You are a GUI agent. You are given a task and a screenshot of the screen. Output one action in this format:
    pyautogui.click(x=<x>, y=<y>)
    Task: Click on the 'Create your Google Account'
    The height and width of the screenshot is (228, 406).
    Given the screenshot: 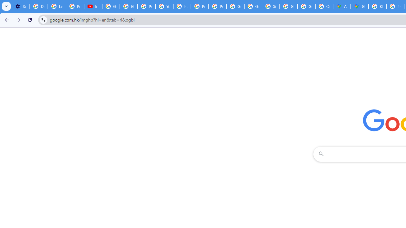 What is the action you would take?
    pyautogui.click(x=324, y=6)
    